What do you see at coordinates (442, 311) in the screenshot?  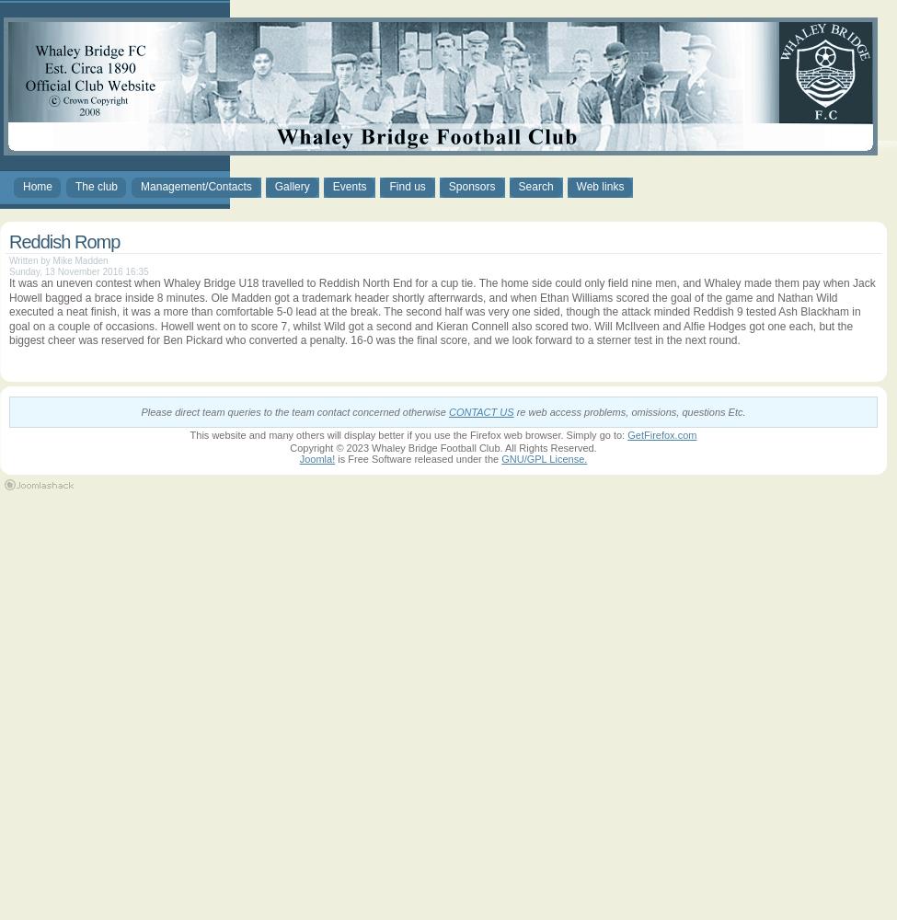 I see `'It was an uneven contest when Whaley Bridge U18 travelled to Reddish North End for a cup tie.



The home side could only field nine men, and Whaley made them pay when Jack Howell bagged a brace inside 8 minutes. Ole Madden got a trademark header shortly afterrwards, and when Ethan Williams scored the goal of the game and Nathan Wild executed a neat finish, it was a more than comfortable 5-0 lead at the break. The second half was very one sided, though the attack minded Reddish 9 tested Ash Blackham in goal on a couple of occasions. Howell went on to score 7, whilst Wild got a second and Kieran Connell also scored two. Will McIlveen and Alfie Hodges got one each, but the biggest cheer was reserved for Ben Pickard who converted a penalty. 16-0 was the final score, and we look forward to a sterner test in the next round.'` at bounding box center [442, 311].